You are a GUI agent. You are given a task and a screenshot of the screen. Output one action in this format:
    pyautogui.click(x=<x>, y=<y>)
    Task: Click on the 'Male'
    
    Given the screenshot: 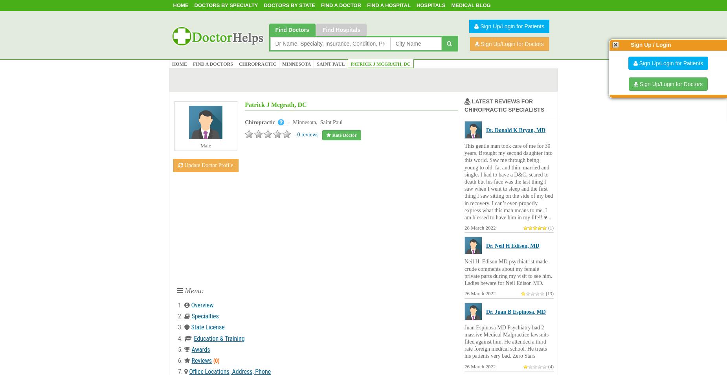 What is the action you would take?
    pyautogui.click(x=205, y=145)
    